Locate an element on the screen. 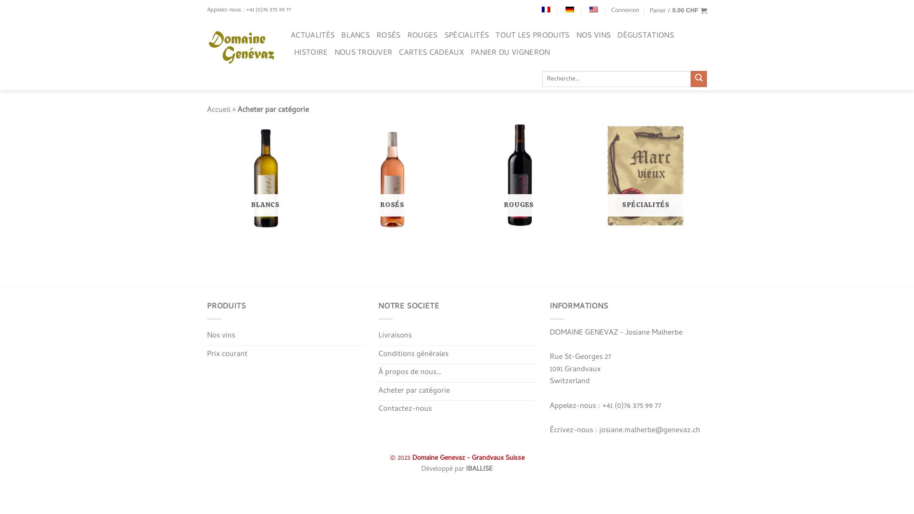 The image size is (914, 514). 'Recherche' is located at coordinates (690, 78).